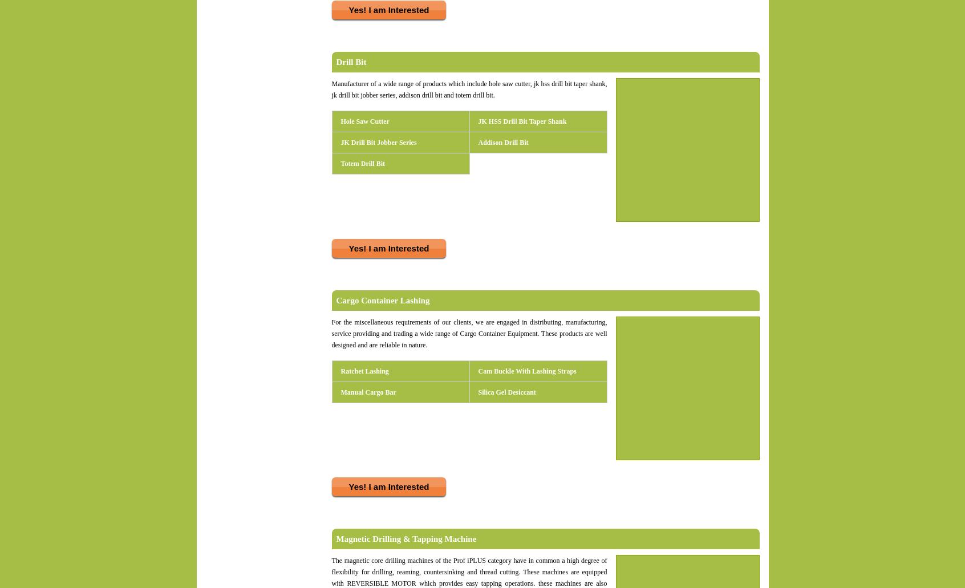 The width and height of the screenshot is (965, 588). Describe the element at coordinates (506, 392) in the screenshot. I see `'Silica Gel Desiccant'` at that location.